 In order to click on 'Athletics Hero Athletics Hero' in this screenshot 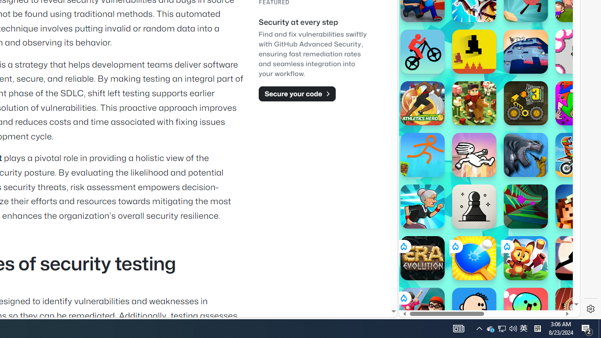, I will do `click(422, 103)`.